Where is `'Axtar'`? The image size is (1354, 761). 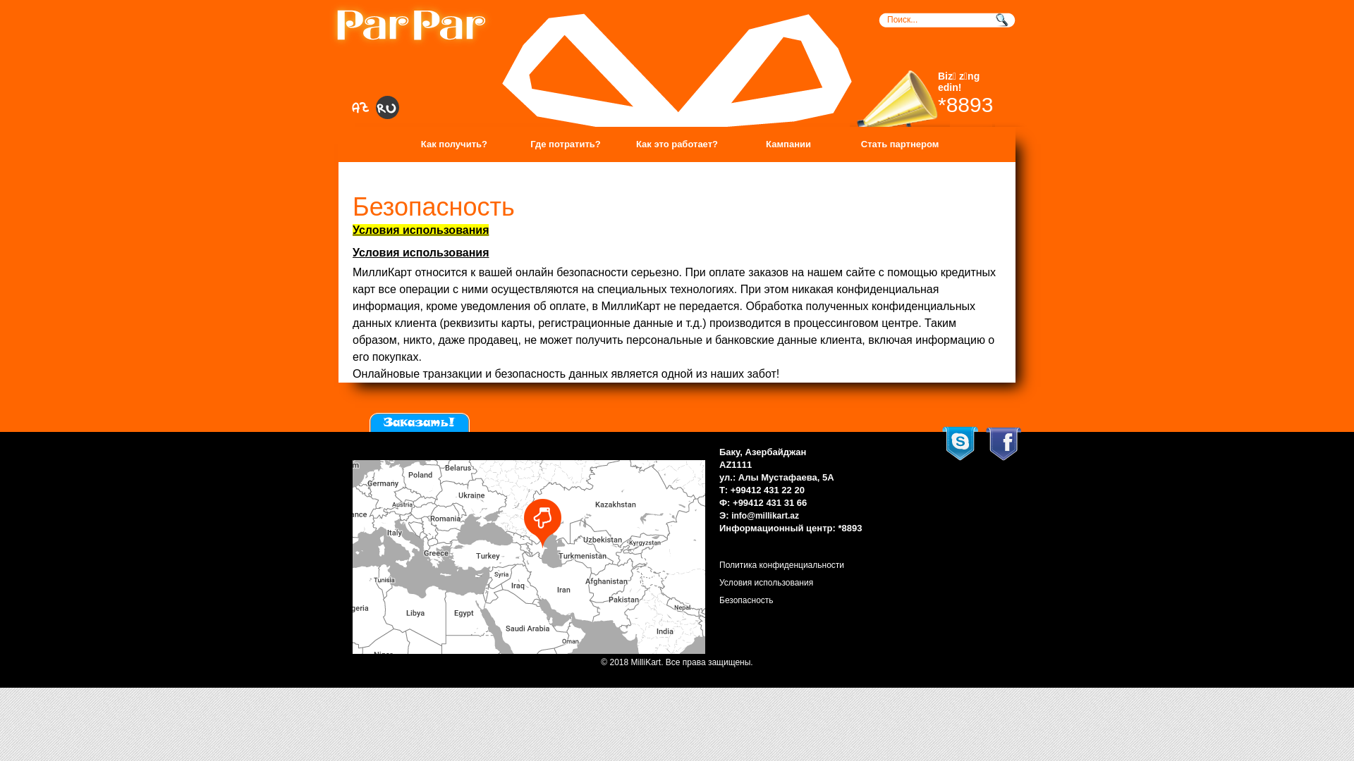 'Axtar' is located at coordinates (1004, 20).